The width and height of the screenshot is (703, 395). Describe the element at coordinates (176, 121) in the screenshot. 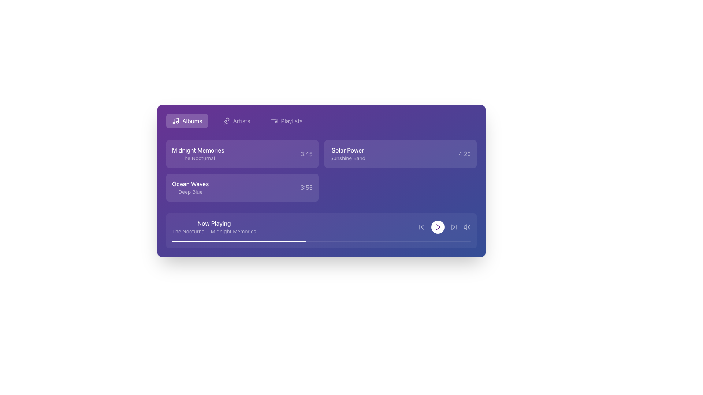

I see `the music content icon located to the left of the 'Albums' text label in the horizontal navigation bar at the top of the interface` at that location.